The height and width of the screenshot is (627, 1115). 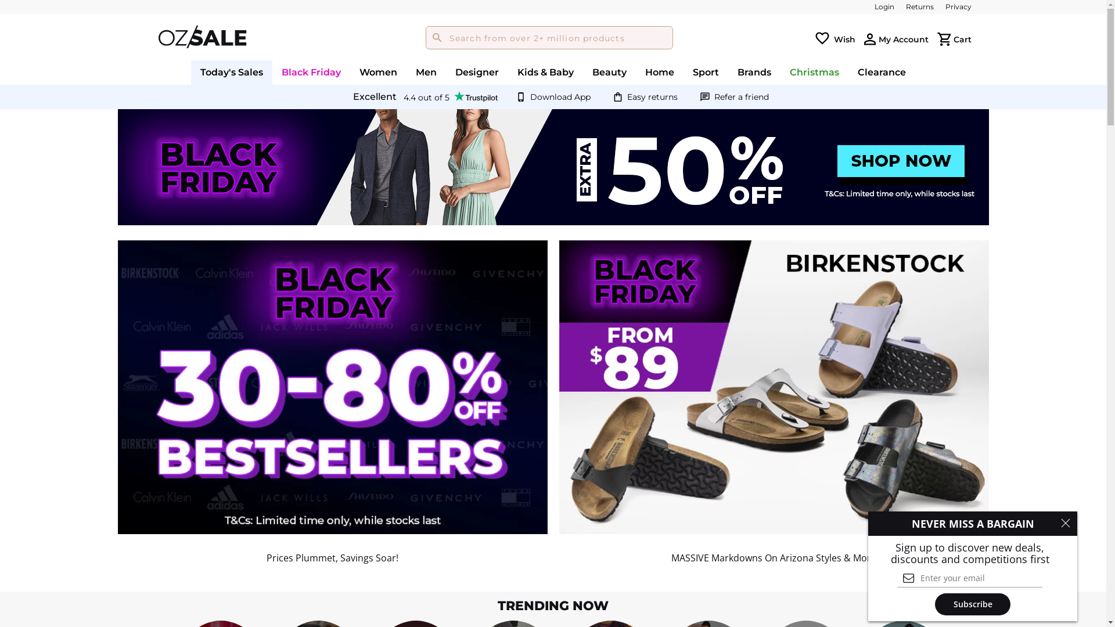 What do you see at coordinates (848, 72) in the screenshot?
I see `'Clearance'` at bounding box center [848, 72].